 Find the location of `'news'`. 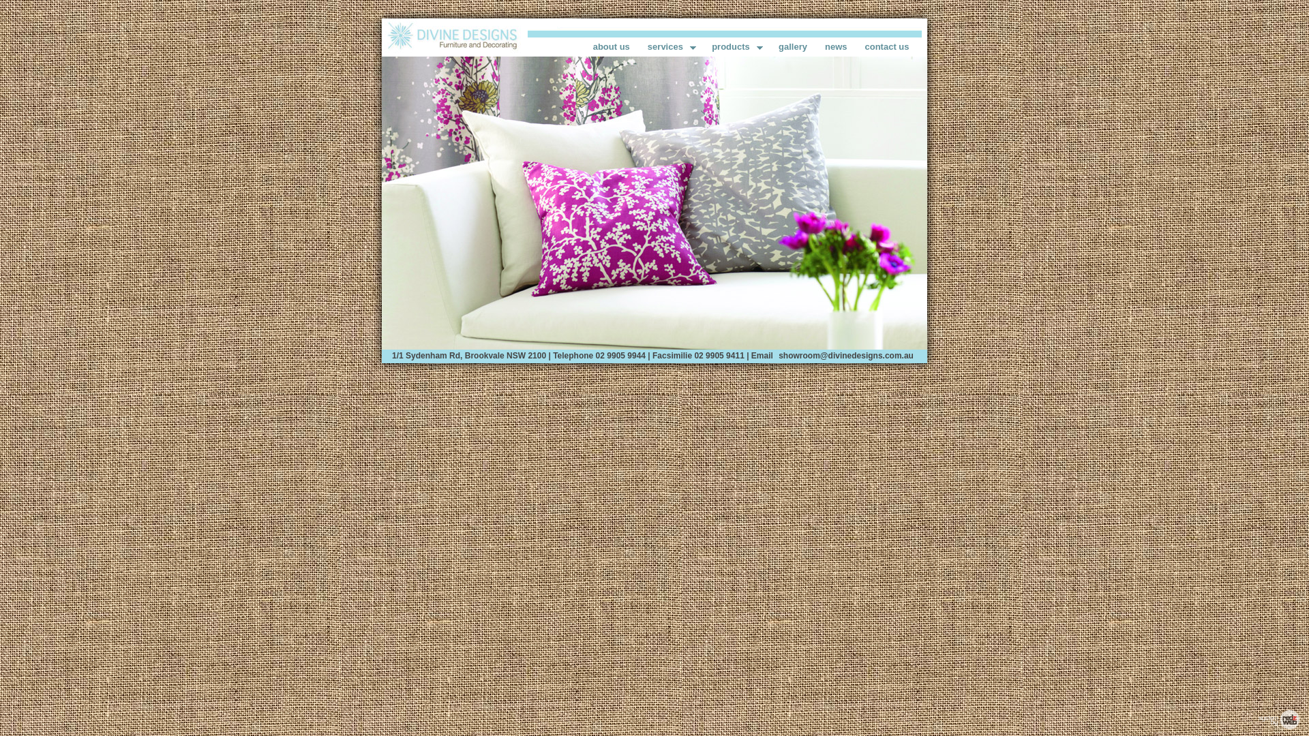

'news' is located at coordinates (835, 46).